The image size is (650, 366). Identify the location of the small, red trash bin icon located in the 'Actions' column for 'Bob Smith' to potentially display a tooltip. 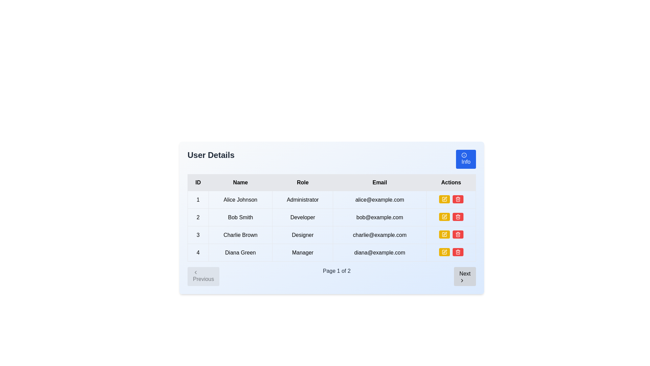
(458, 199).